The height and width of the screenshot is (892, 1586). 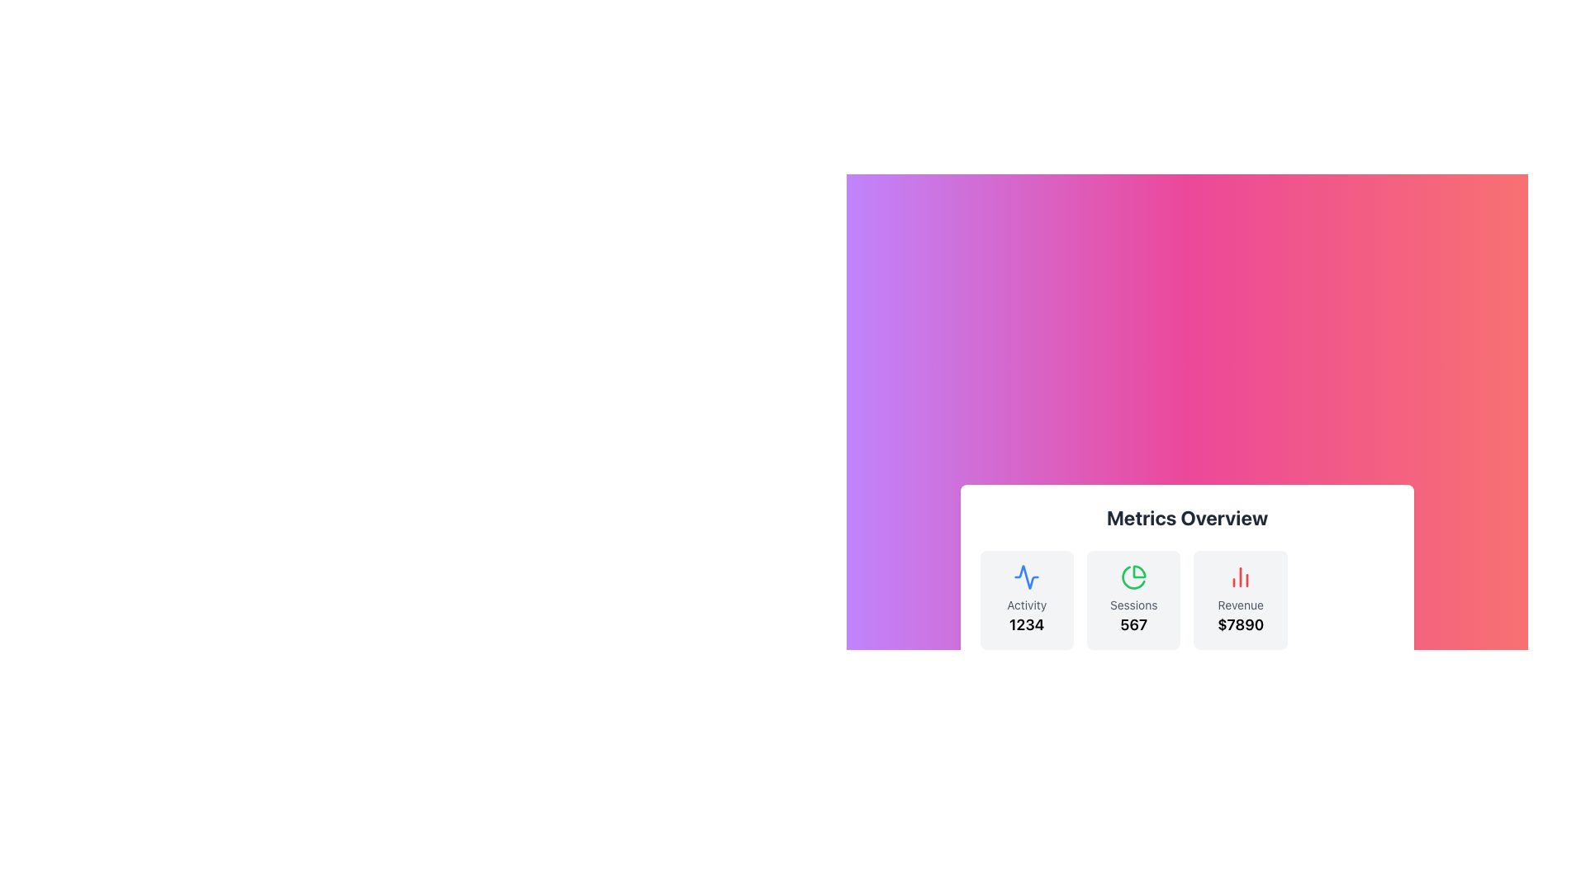 I want to click on displayed revenue value of $7890 from the numeric text display in bold font on a light gray background, located within the financial information card under the label 'Revenue.', so click(x=1241, y=624).